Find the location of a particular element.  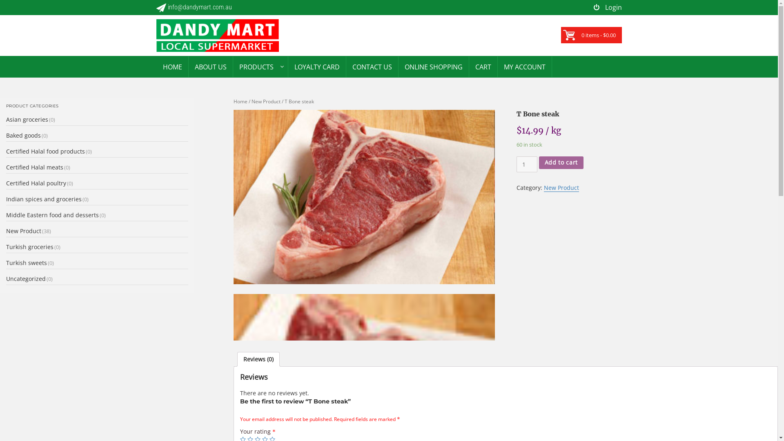

'Turkish groceries' is located at coordinates (29, 246).